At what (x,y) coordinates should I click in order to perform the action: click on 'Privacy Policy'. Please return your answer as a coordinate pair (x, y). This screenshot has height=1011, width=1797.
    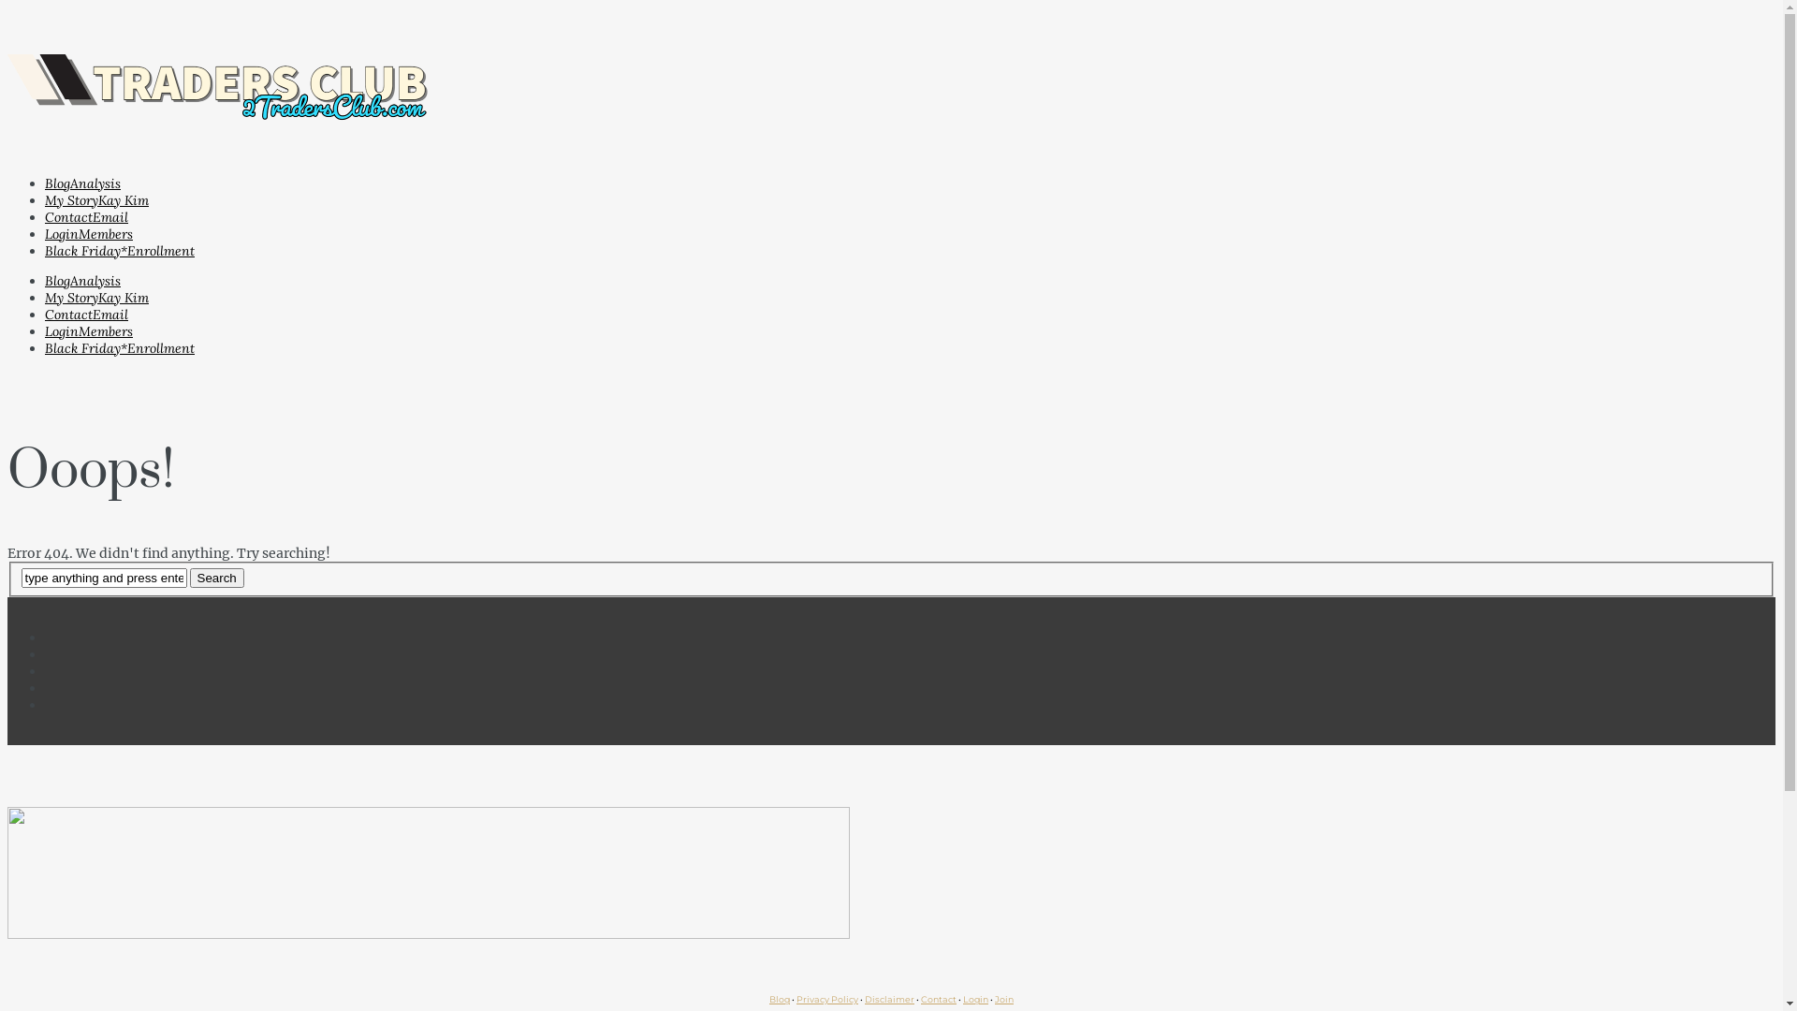
    Looking at the image, I should click on (796, 998).